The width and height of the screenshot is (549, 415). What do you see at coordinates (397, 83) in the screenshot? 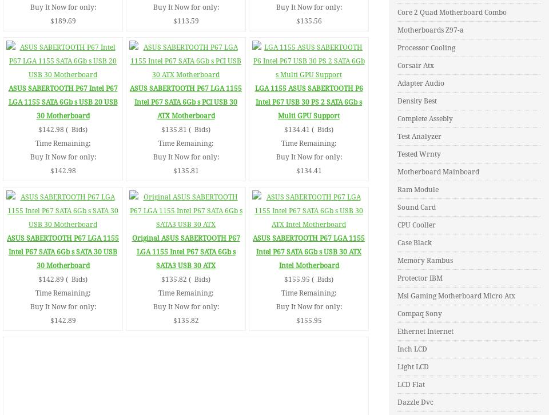
I see `'Adapter Audio'` at bounding box center [397, 83].